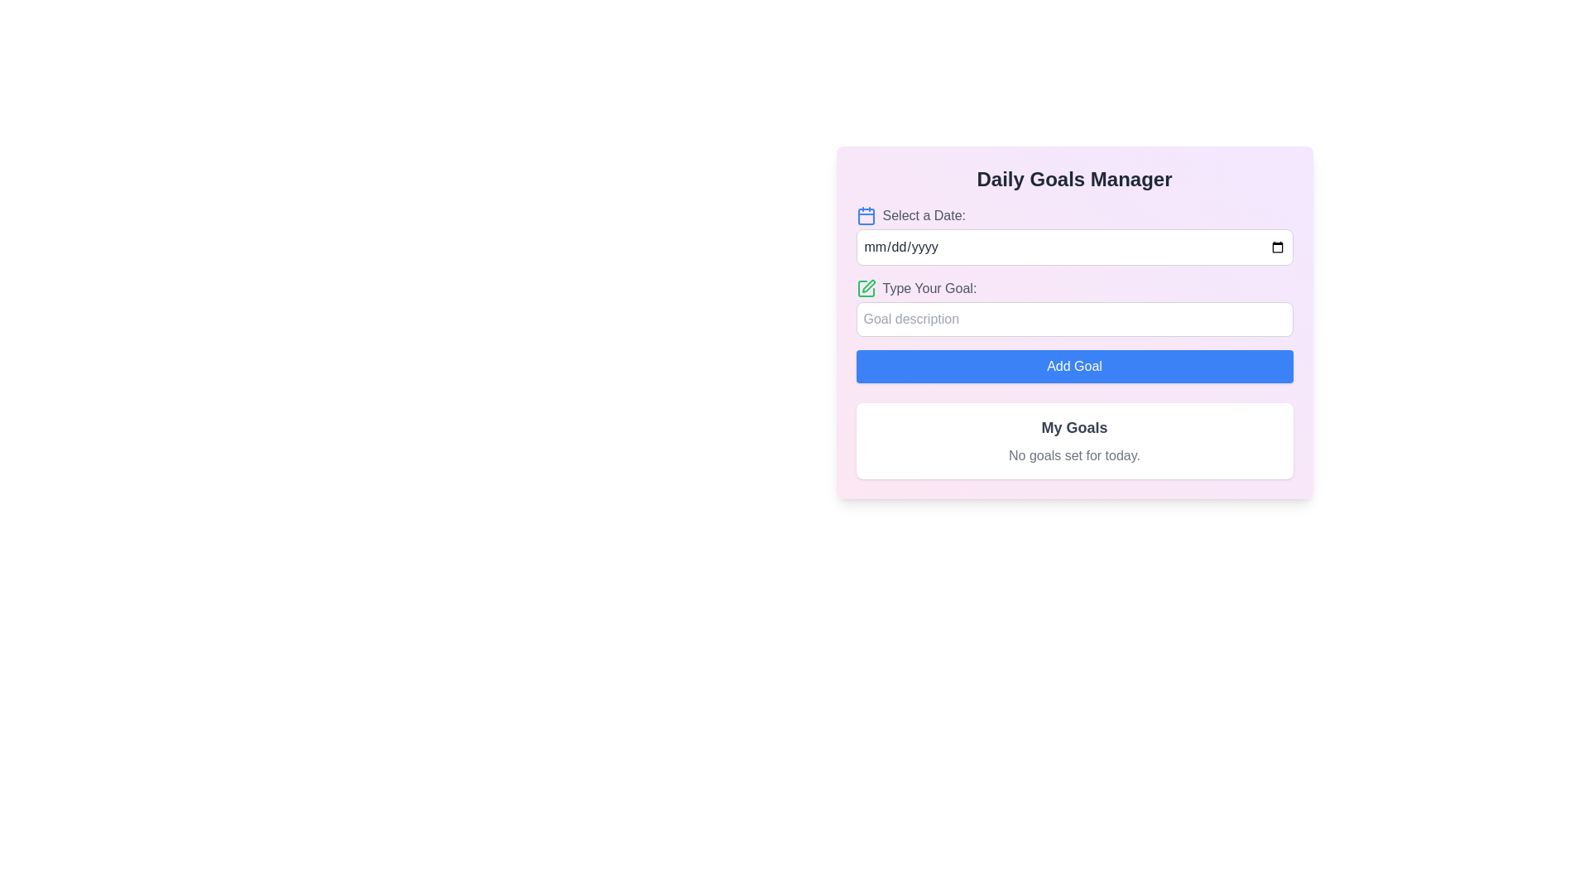  I want to click on the Date input field for the Daily Goals Manager, so click(1074, 236).